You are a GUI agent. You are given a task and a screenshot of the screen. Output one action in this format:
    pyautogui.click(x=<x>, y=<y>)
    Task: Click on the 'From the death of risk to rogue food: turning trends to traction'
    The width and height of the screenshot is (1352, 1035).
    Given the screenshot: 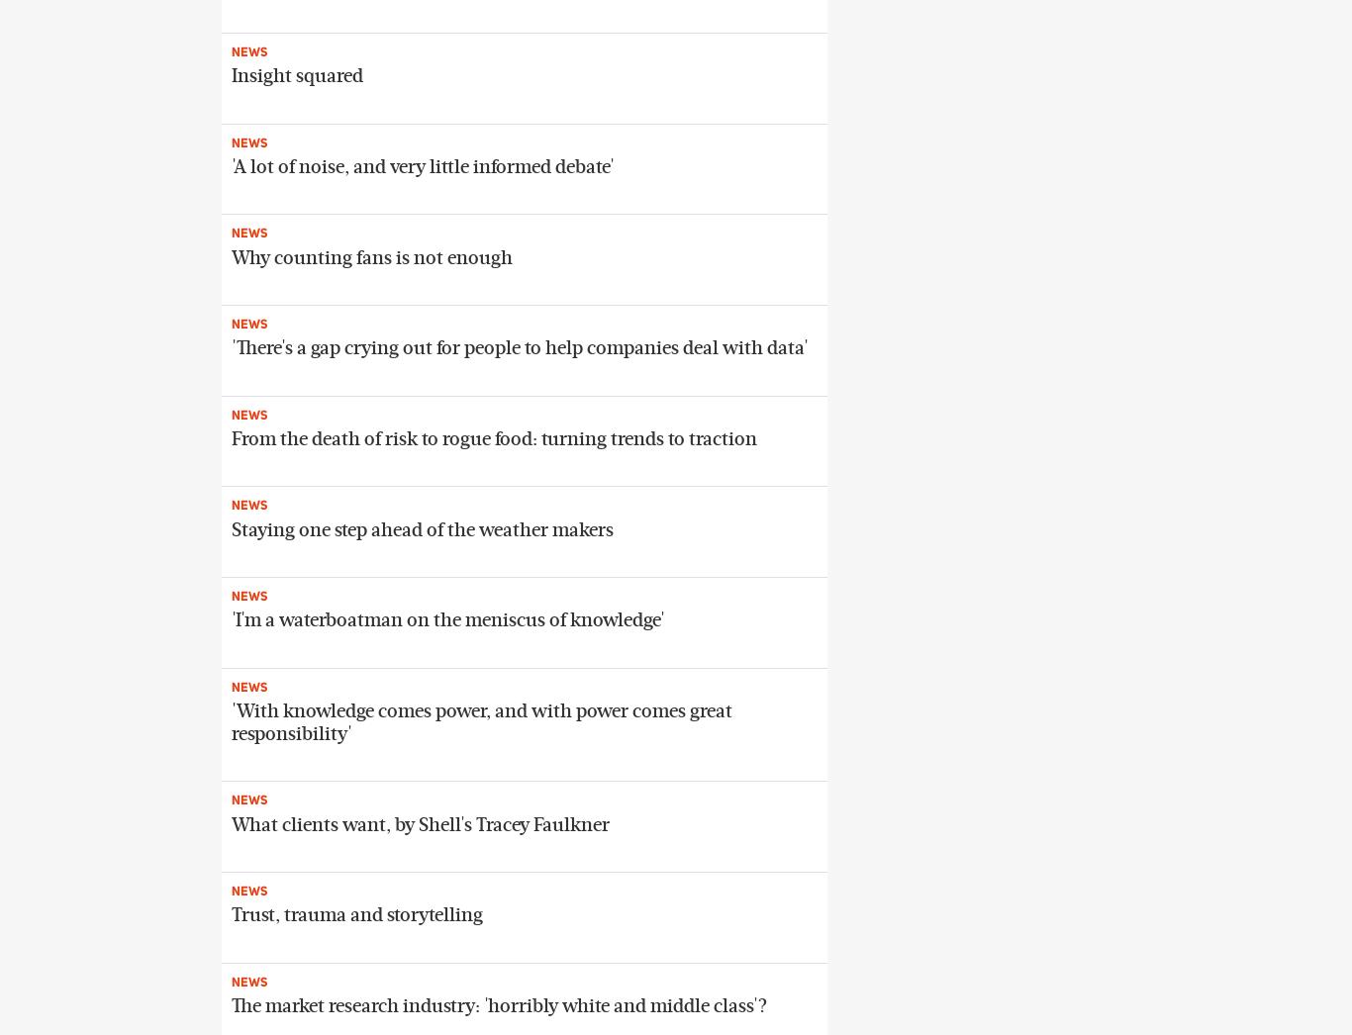 What is the action you would take?
    pyautogui.click(x=493, y=437)
    